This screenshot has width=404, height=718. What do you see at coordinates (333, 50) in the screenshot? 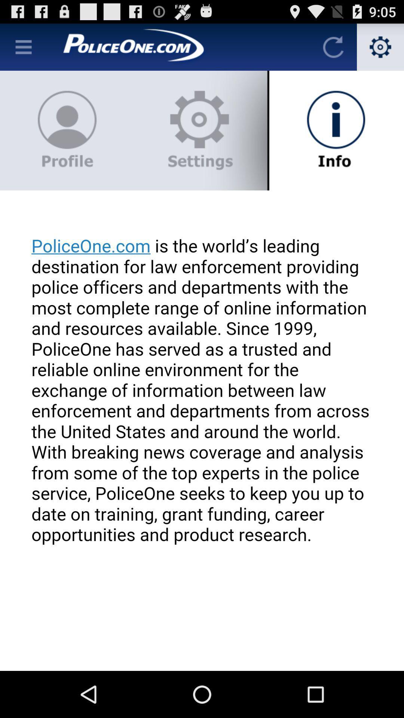
I see `the refresh icon` at bounding box center [333, 50].